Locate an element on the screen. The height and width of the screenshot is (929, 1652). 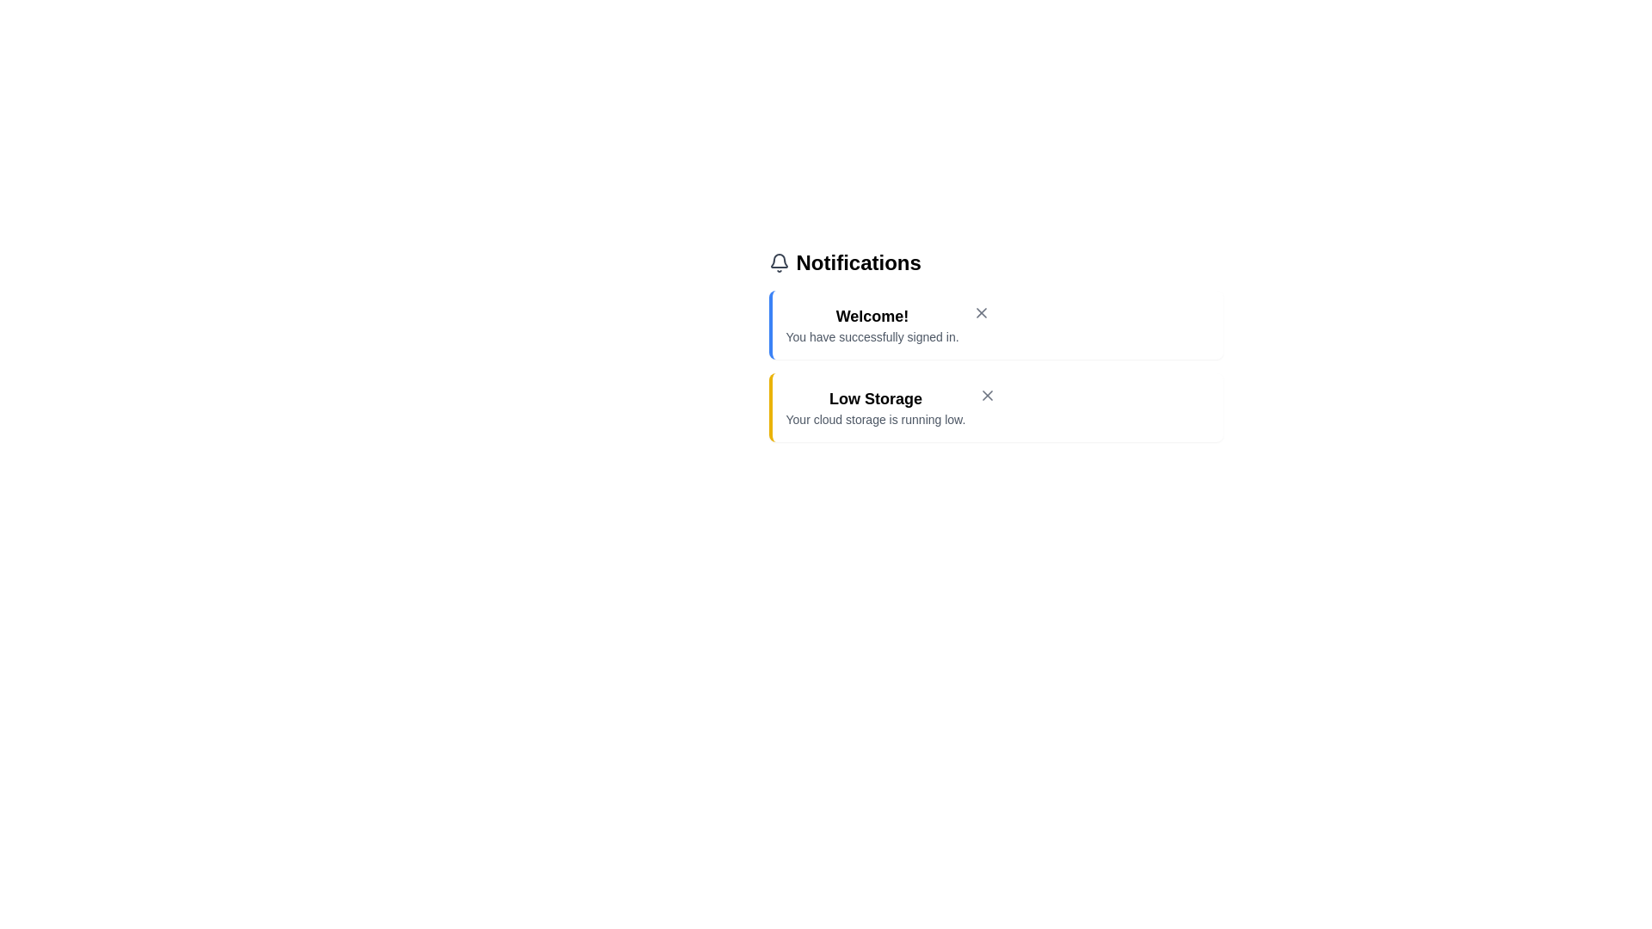
the gray notification bell icon located to the left of the 'Notifications' text at the top-left of the 'Notifications' section is located at coordinates (778, 262).